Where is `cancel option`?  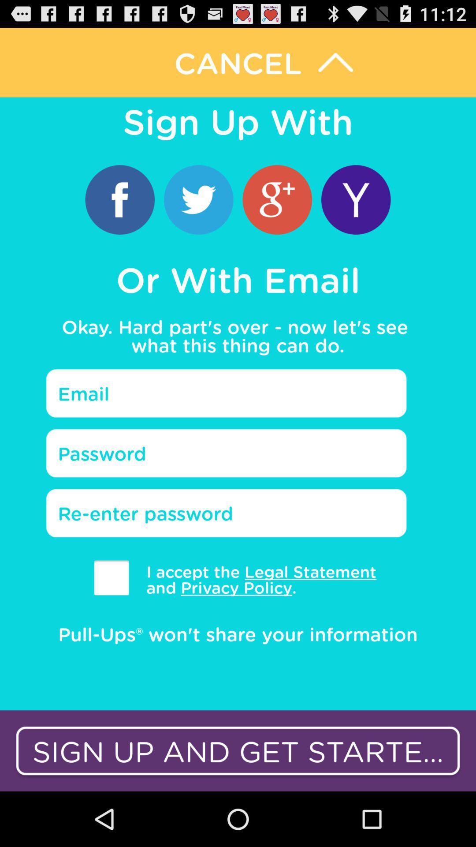 cancel option is located at coordinates (238, 62).